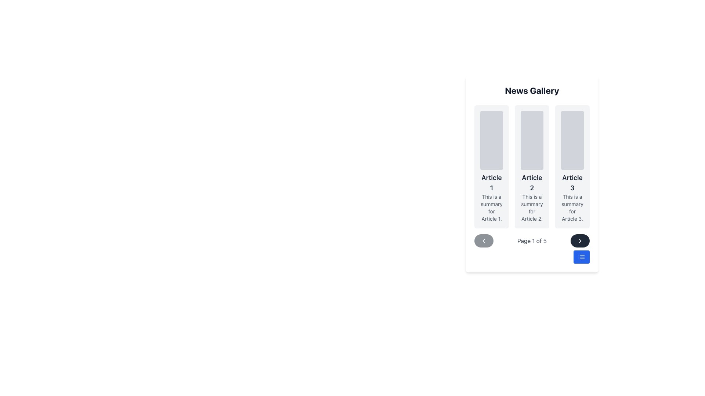 The width and height of the screenshot is (705, 396). Describe the element at coordinates (484, 241) in the screenshot. I see `the left chevron icon inside the gray circular button located next to the text 'Page 1 of 5'` at that location.